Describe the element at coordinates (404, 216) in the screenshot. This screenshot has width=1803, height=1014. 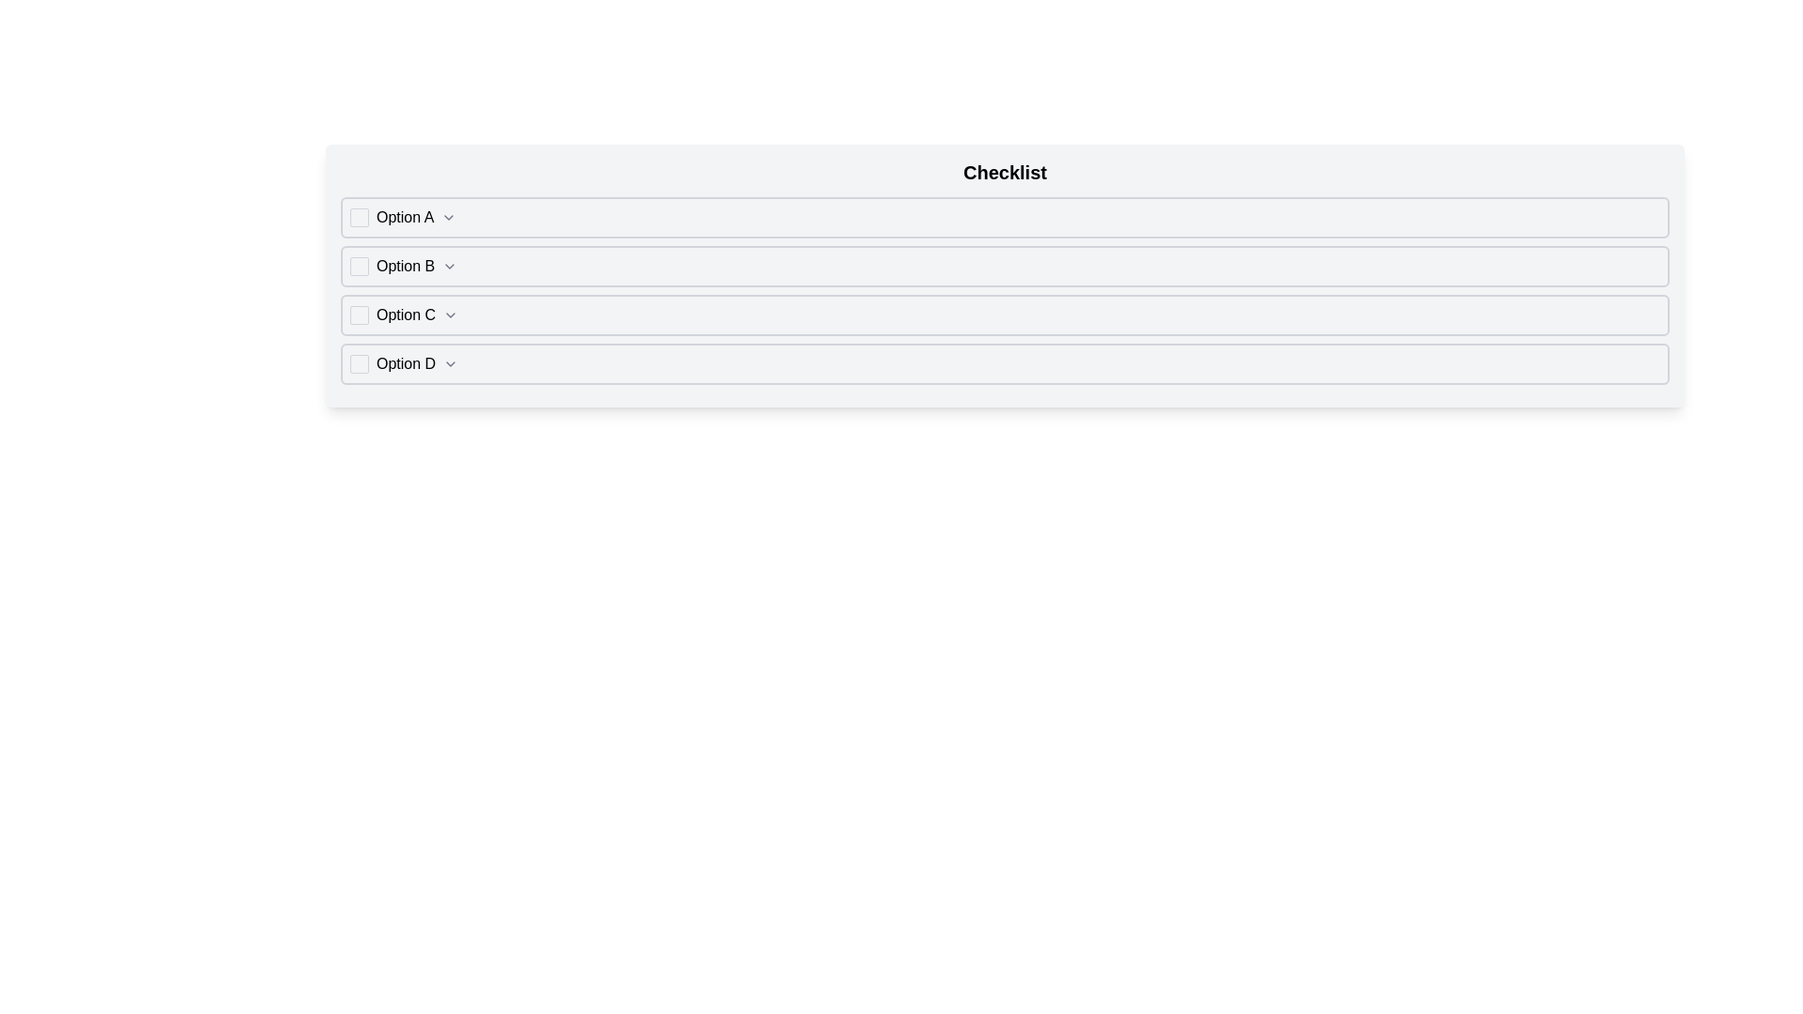
I see `the text label displaying 'Option A', which is part of the 'Checklist' list and located next to a checkbox and a downward chevron icon` at that location.